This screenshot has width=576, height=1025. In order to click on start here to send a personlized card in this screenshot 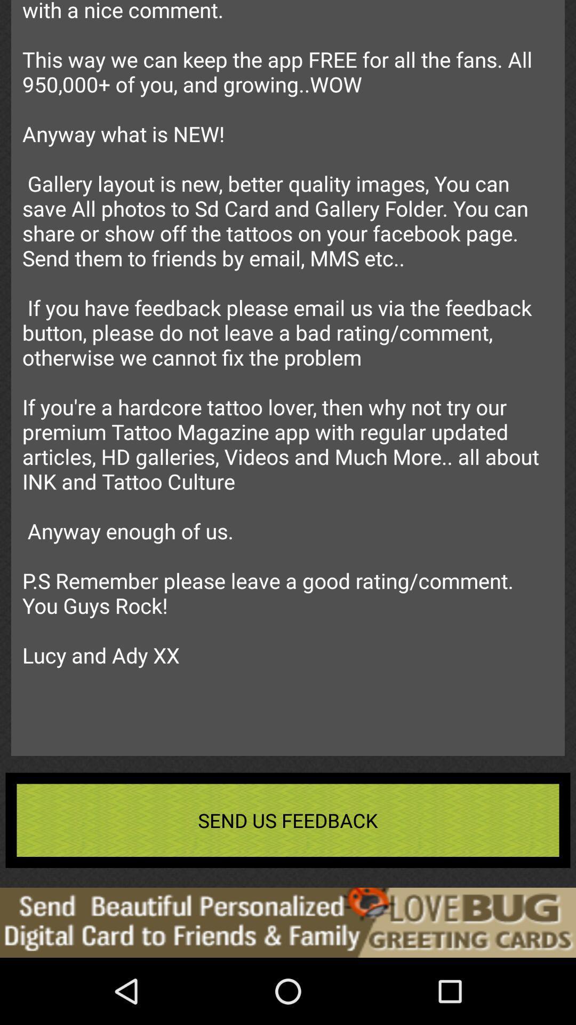, I will do `click(288, 922)`.